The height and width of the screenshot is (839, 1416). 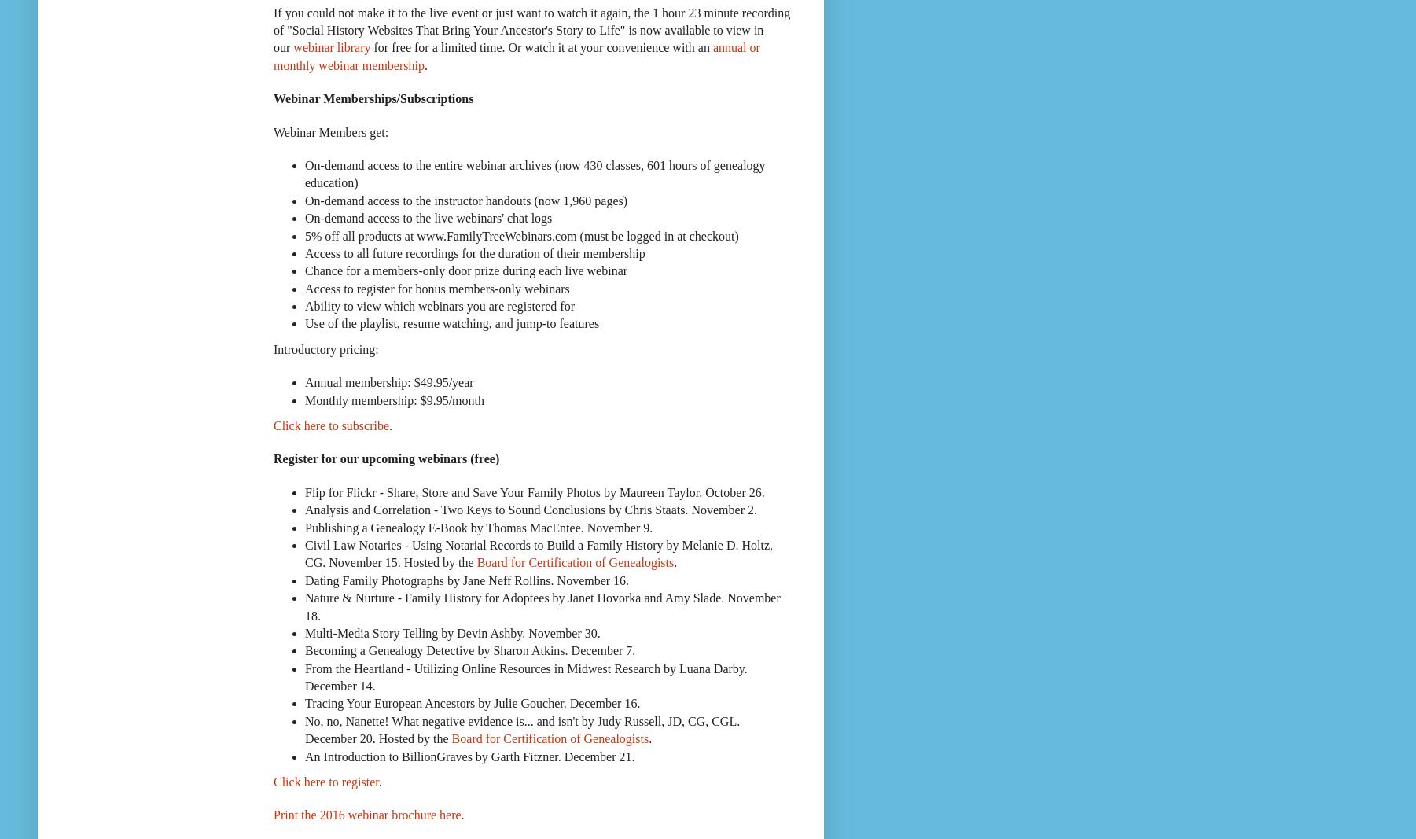 What do you see at coordinates (521, 729) in the screenshot?
I see `'No, no, Nanette! What negative evidence is... and isn't by Judy Russell, JD, CG, CGL. December 20. Hosted by the'` at bounding box center [521, 729].